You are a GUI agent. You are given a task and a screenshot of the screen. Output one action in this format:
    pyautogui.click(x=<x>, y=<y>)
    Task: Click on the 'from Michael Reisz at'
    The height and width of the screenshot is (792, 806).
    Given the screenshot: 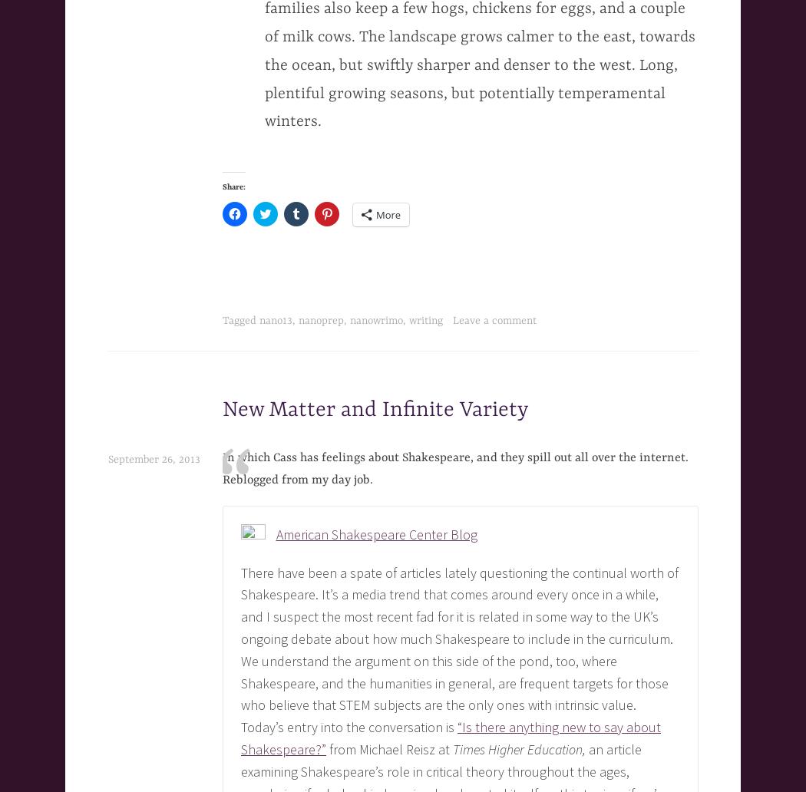 What is the action you would take?
    pyautogui.click(x=325, y=748)
    